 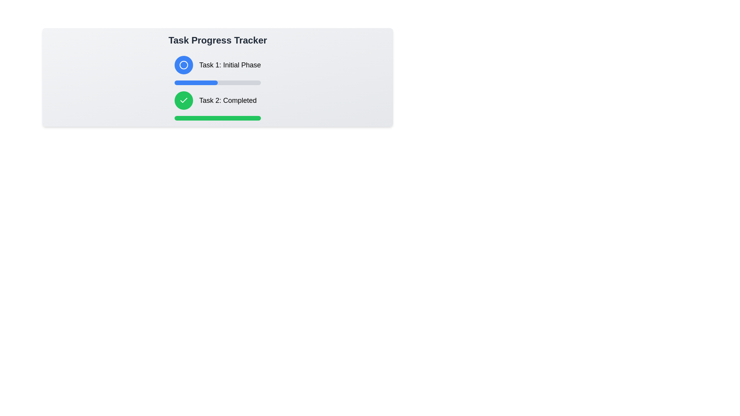 What do you see at coordinates (229, 65) in the screenshot?
I see `the text label for the first task in the task progress tracker, which is positioned horizontally adjacent to a circular blue icon` at bounding box center [229, 65].